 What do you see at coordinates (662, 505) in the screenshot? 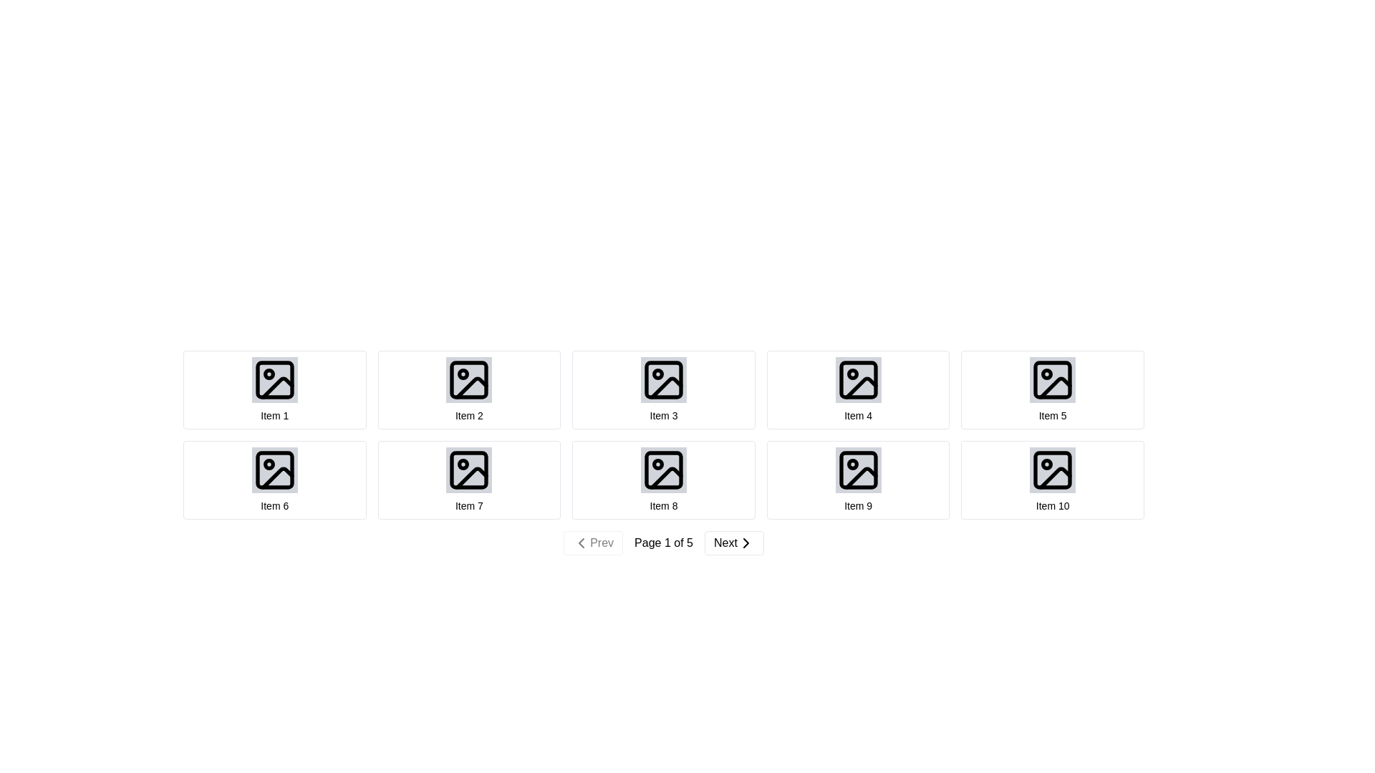
I see `the text label located in the second row, third column of the grid layout that serves as an identification for the associated image or component` at bounding box center [662, 505].